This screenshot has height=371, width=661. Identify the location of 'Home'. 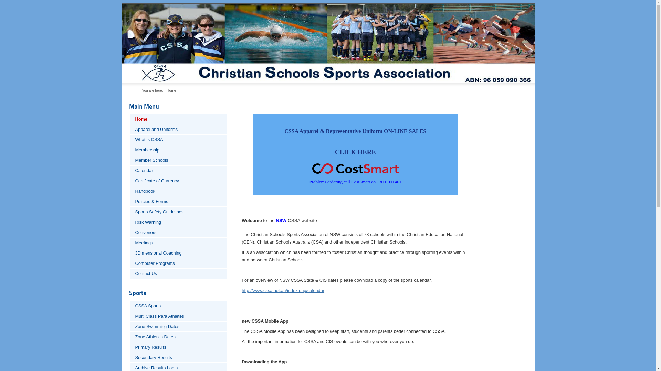
(130, 119).